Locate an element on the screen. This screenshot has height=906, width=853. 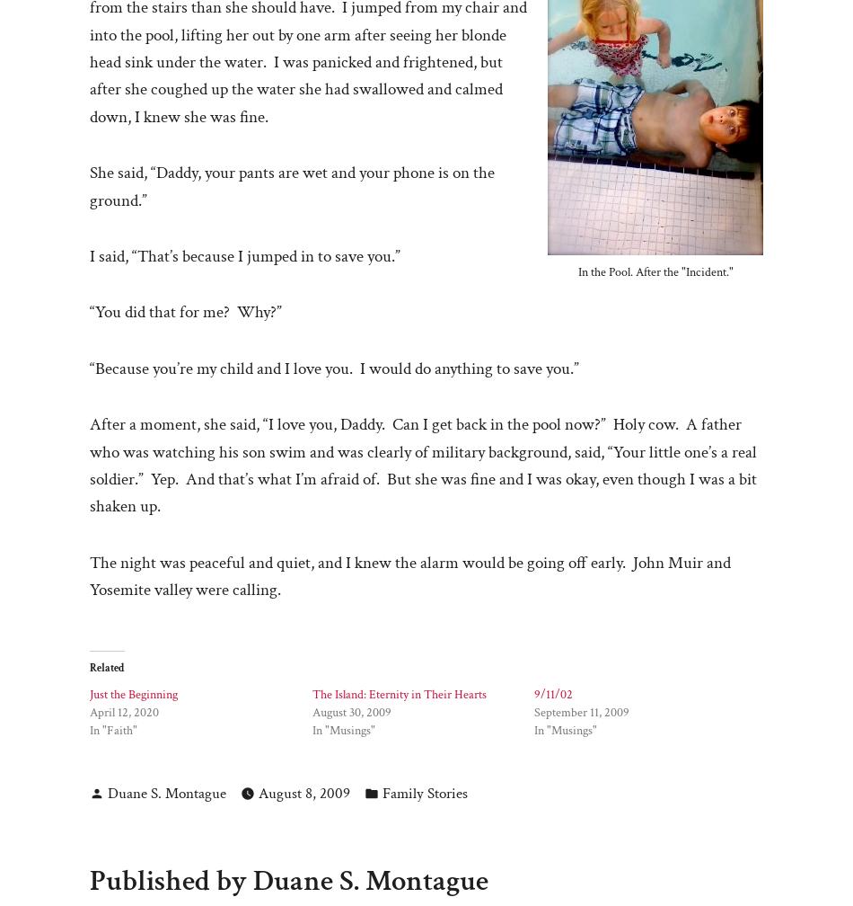
'After a moment, she said, “I love you, Daddy.  Can I get back in the pool now?”  Holy cow.  A father who was watching his son swim and was clearly of military background, said, “Your little one’s a real soldier.”  Yep.  And that’s what I’m afraid of.  But she was fine and I was okay, even though I was a bit shaken up.' is located at coordinates (422, 466).